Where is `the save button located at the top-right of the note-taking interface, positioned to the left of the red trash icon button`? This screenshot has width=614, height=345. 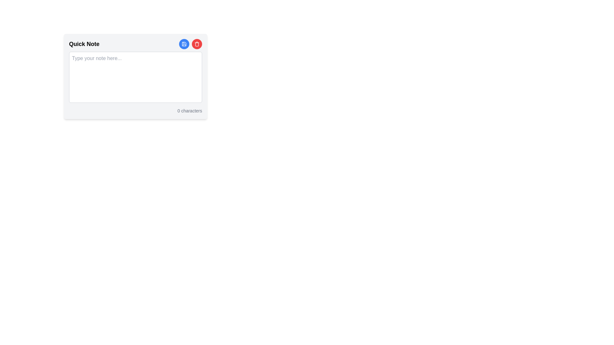
the save button located at the top-right of the note-taking interface, positioned to the left of the red trash icon button is located at coordinates (184, 44).